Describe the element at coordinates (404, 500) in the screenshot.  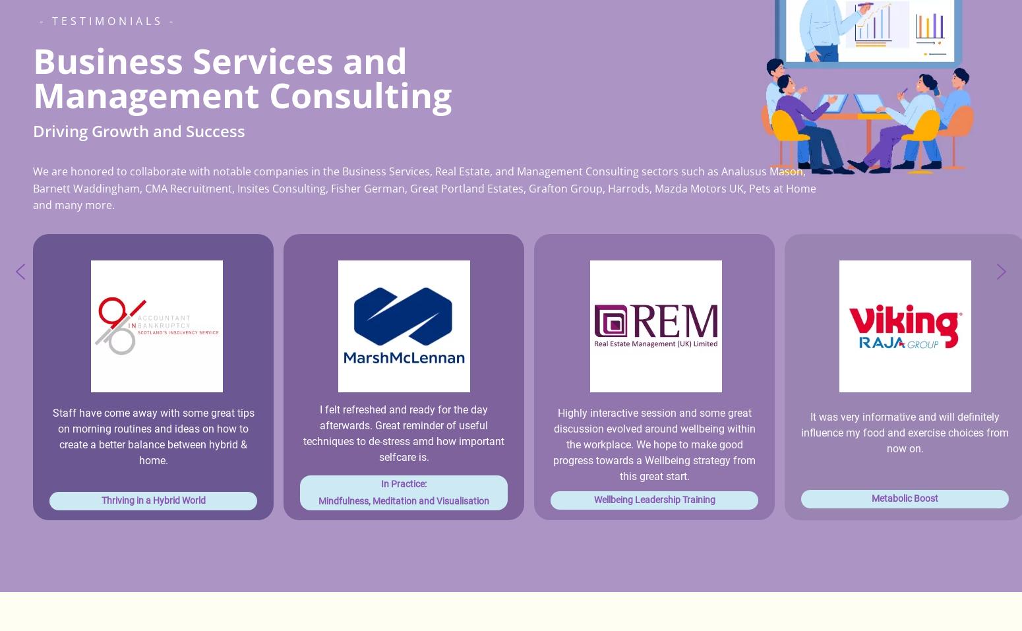
I see `'Mindfulness, Meditation and Visualisation'` at that location.